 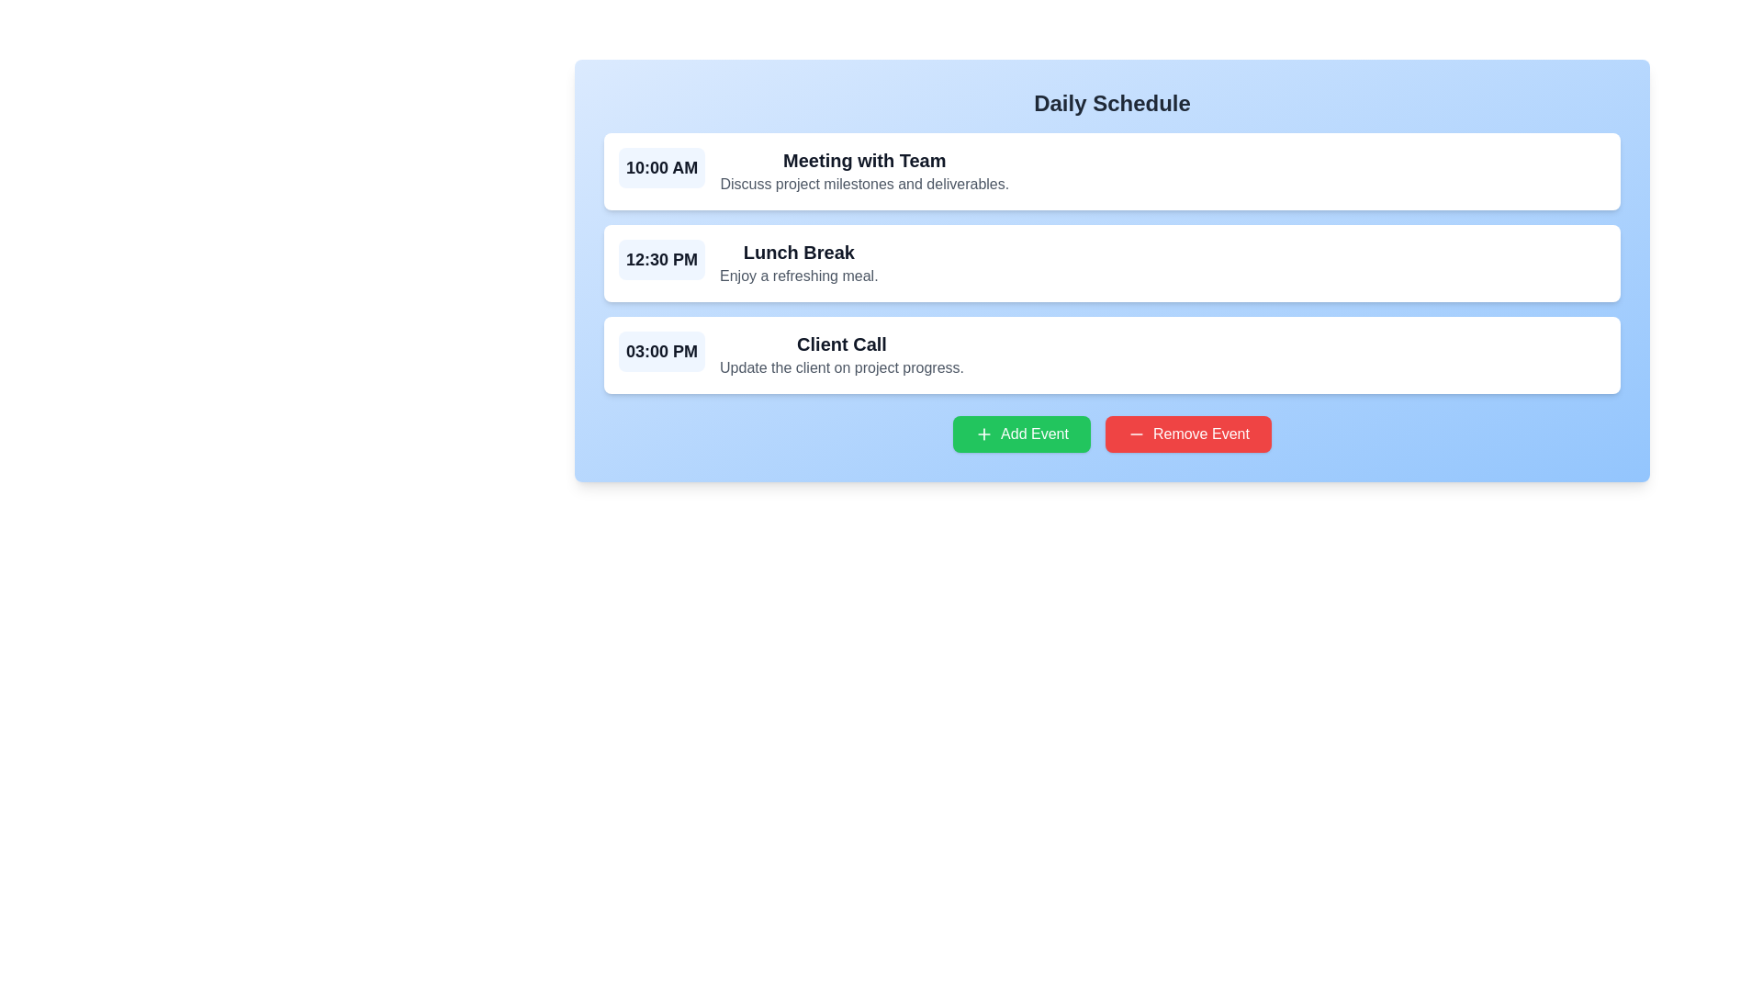 What do you see at coordinates (661, 167) in the screenshot?
I see `the text label displaying '10:00 AM' in bold, large, black font, which is located under the 'Daily Schedule' heading, aligned to the left of the 'Meeting with Team' title and above the 'Lunch Break' entry` at bounding box center [661, 167].